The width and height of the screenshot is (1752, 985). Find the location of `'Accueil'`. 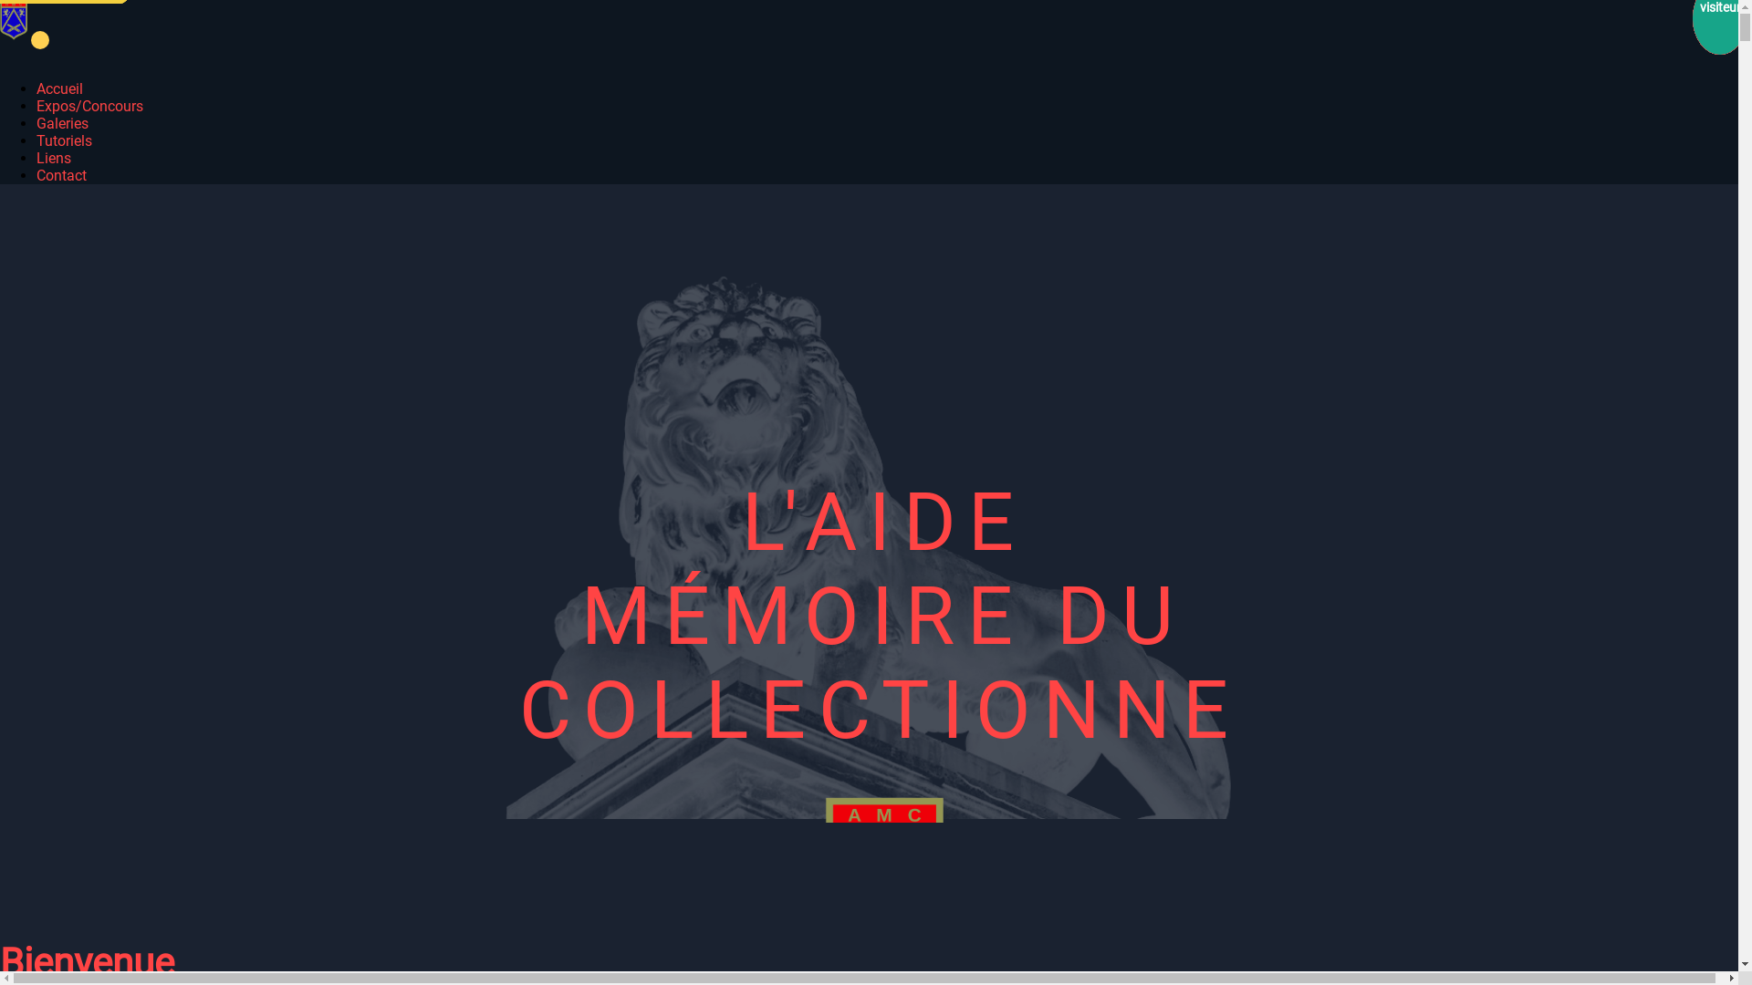

'Accueil' is located at coordinates (36, 88).